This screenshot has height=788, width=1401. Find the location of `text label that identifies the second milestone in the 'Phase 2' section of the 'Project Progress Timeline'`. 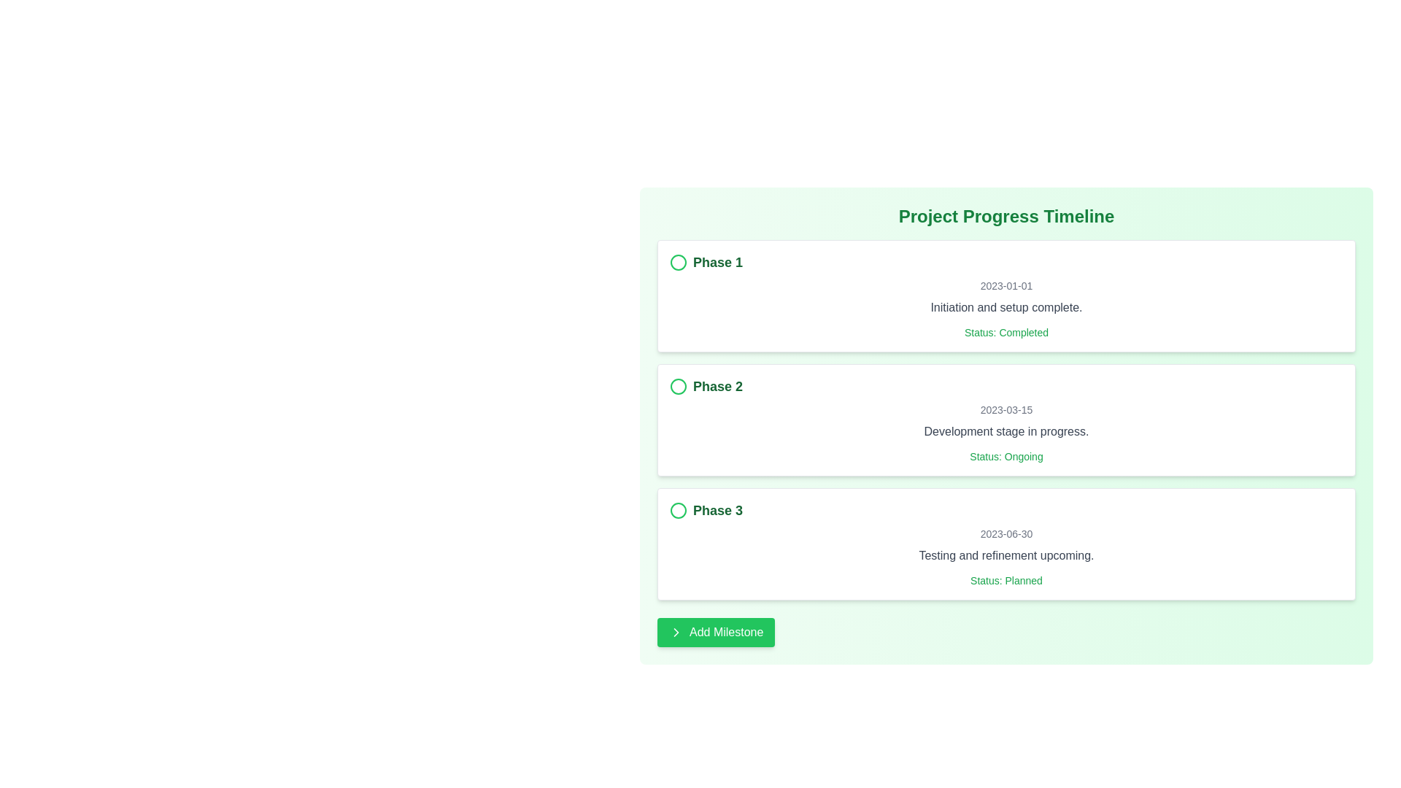

text label that identifies the second milestone in the 'Phase 2' section of the 'Project Progress Timeline' is located at coordinates (717, 385).